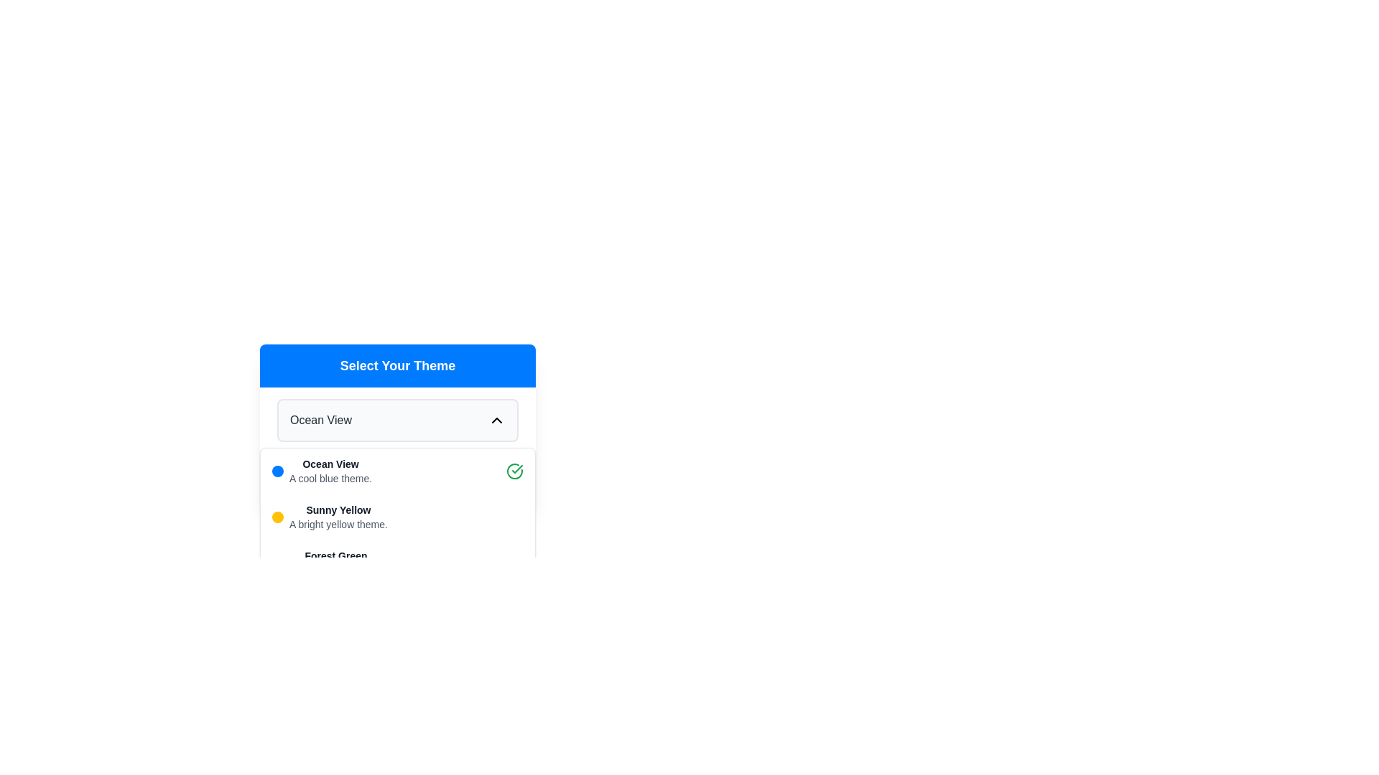  Describe the element at coordinates (330, 464) in the screenshot. I see `the 'A cool blue theme' text label element within the 'Select Your Theme' dropdown menu for accessibility purposes` at that location.